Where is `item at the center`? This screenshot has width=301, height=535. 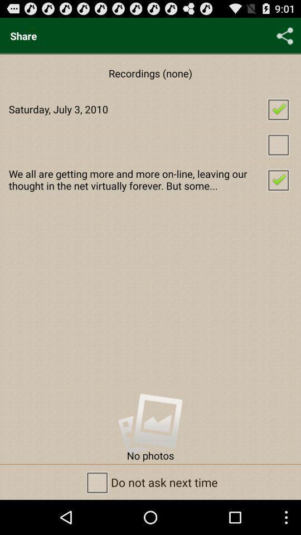
item at the center is located at coordinates (151, 179).